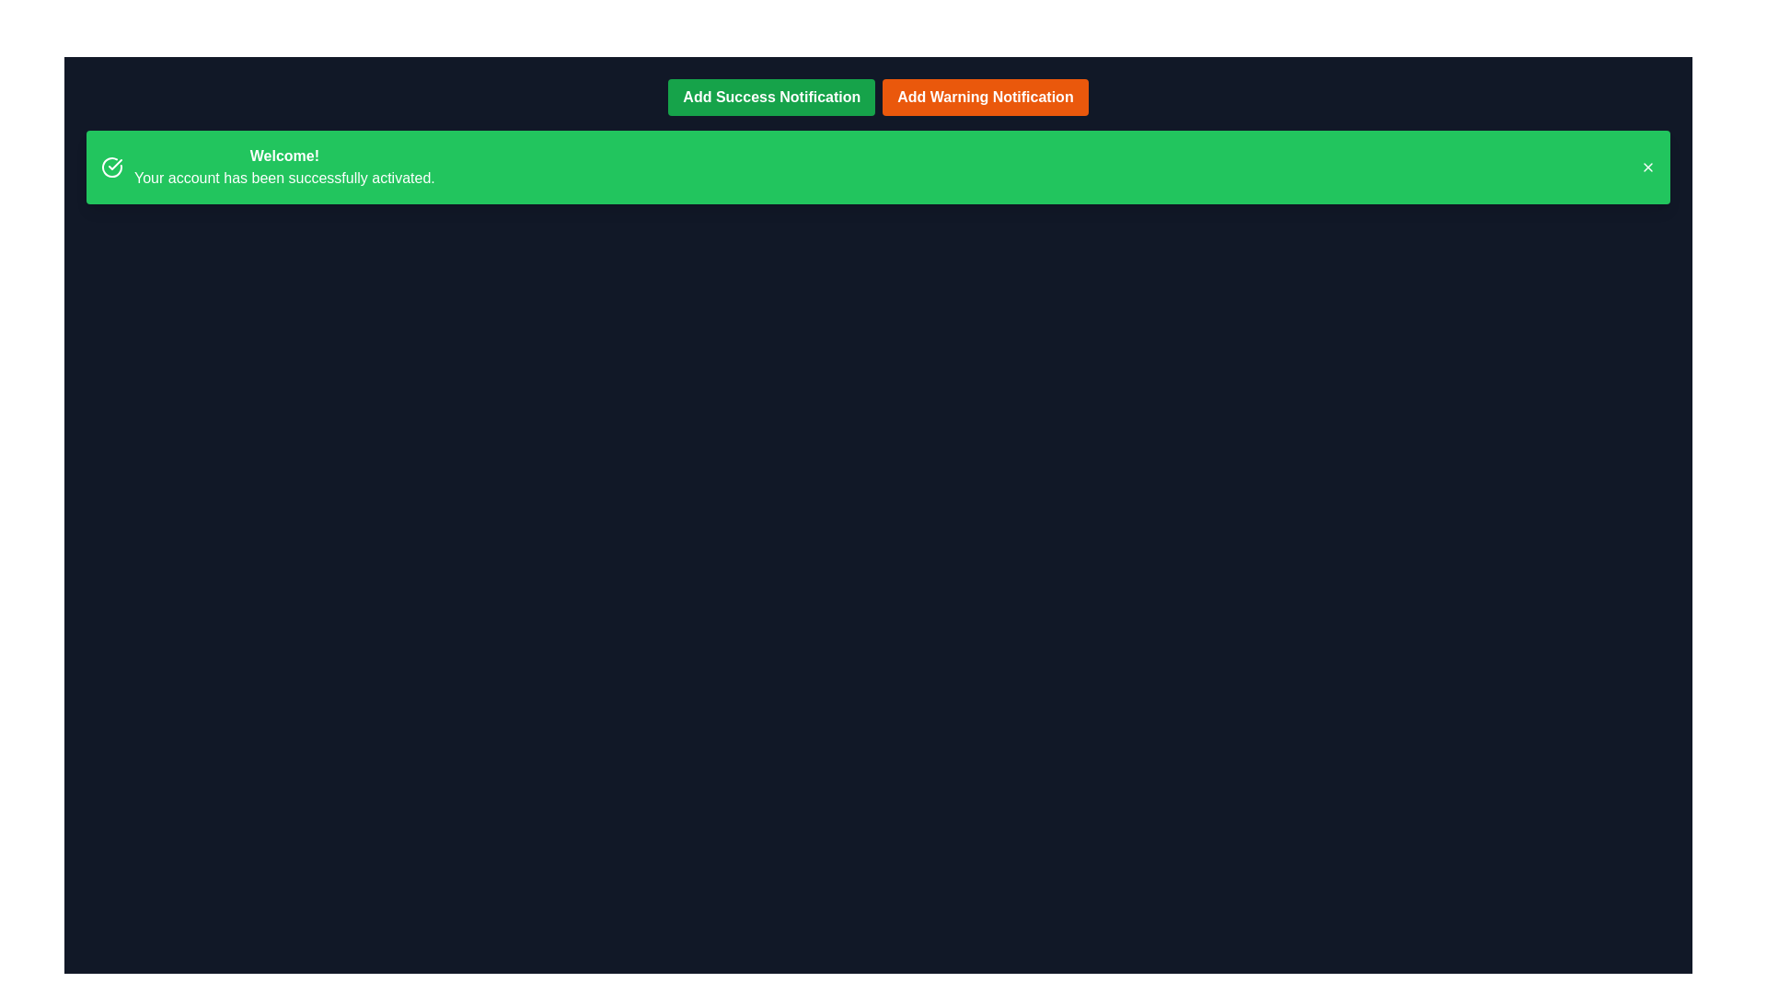 This screenshot has height=994, width=1767. I want to click on the green button labeled 'Add Success Notification' located at the top of the interface, so click(771, 97).